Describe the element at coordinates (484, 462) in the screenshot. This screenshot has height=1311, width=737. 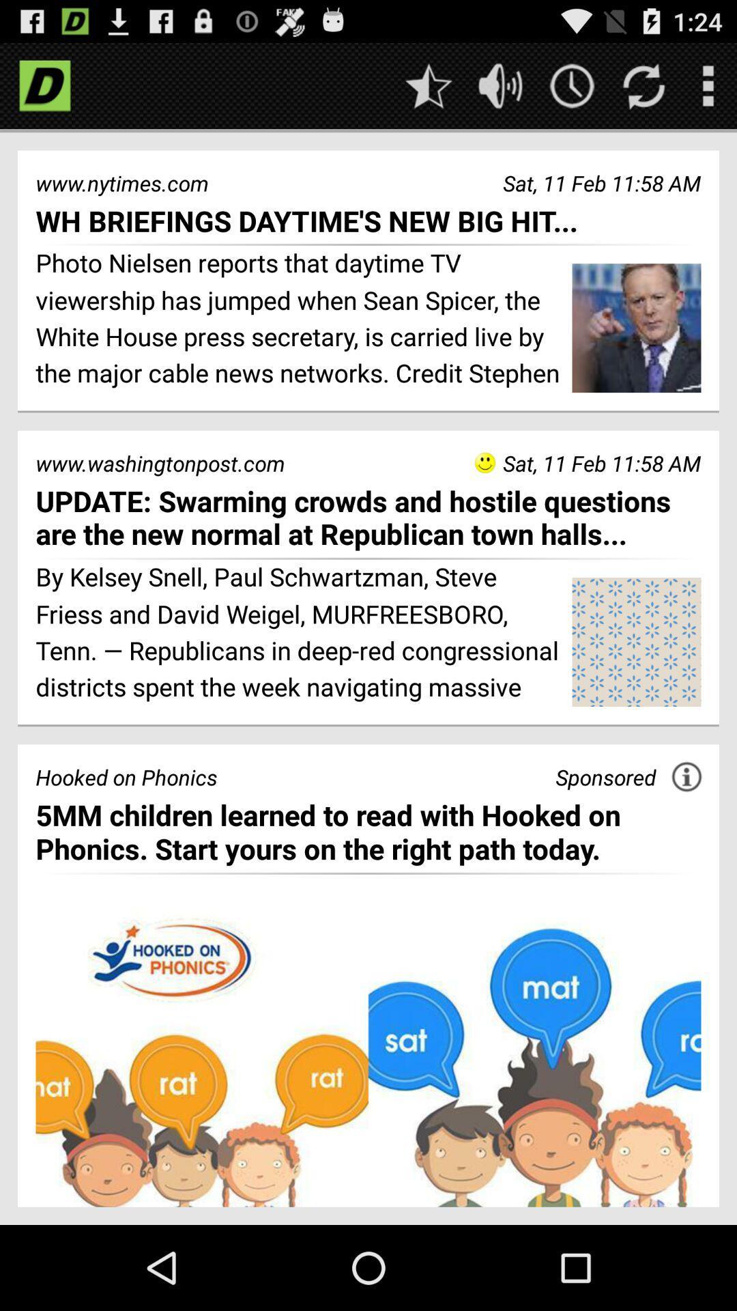
I see `item to the left of sat 11 feb item` at that location.